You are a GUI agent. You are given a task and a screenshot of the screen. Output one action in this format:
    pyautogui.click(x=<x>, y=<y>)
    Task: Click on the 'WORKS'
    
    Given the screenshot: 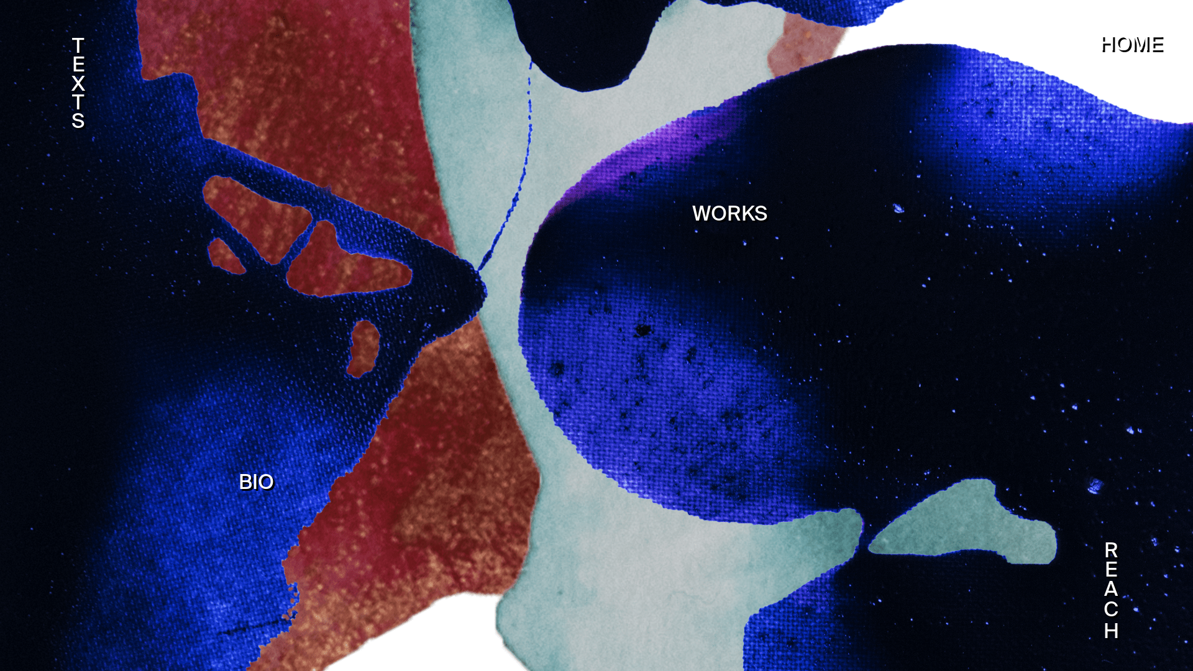 What is the action you would take?
    pyautogui.click(x=729, y=214)
    